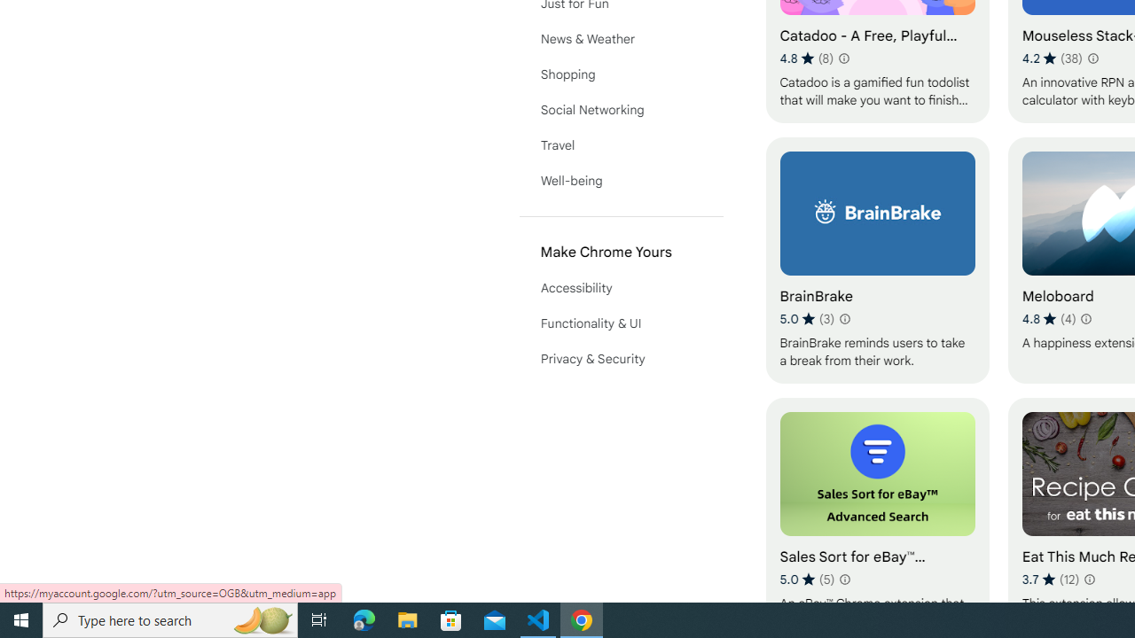 This screenshot has height=638, width=1135. What do you see at coordinates (621, 287) in the screenshot?
I see `'Accessibility'` at bounding box center [621, 287].